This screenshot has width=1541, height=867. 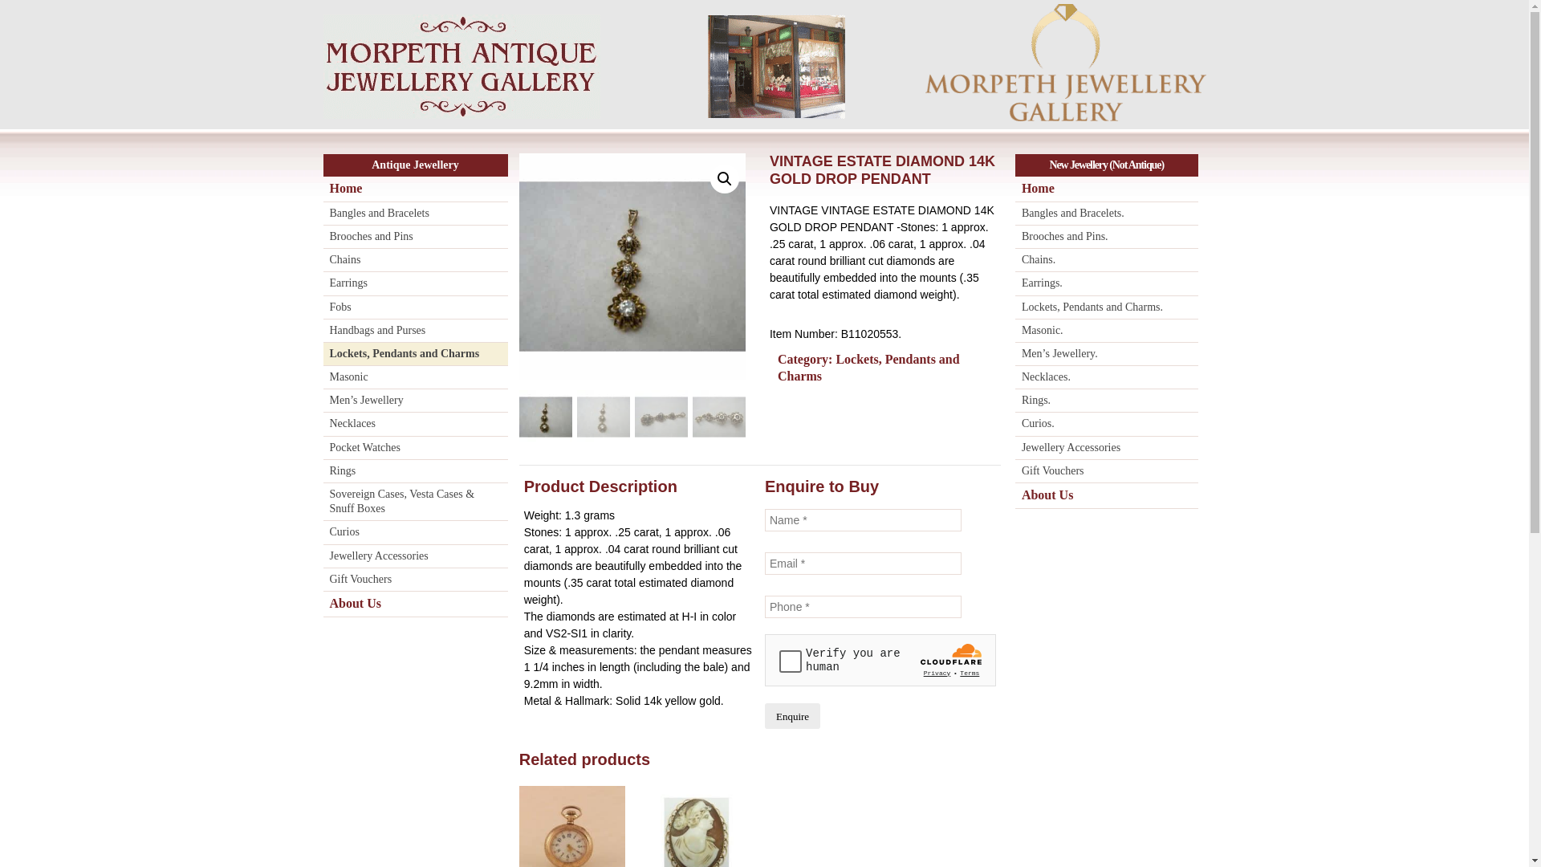 I want to click on 'Enquire', so click(x=764, y=714).